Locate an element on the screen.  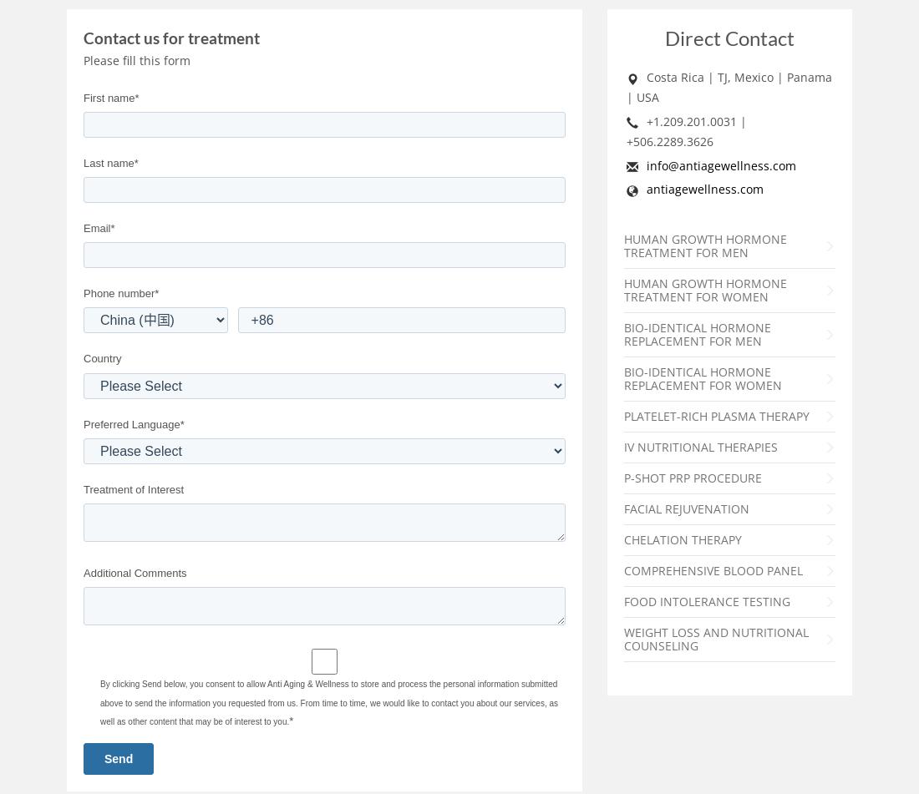
'Treatment of Interest' is located at coordinates (83, 488).